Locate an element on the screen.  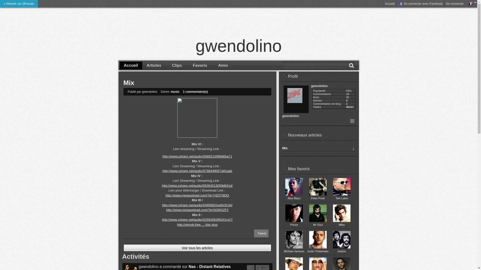
'Accueil' is located at coordinates (131, 65).